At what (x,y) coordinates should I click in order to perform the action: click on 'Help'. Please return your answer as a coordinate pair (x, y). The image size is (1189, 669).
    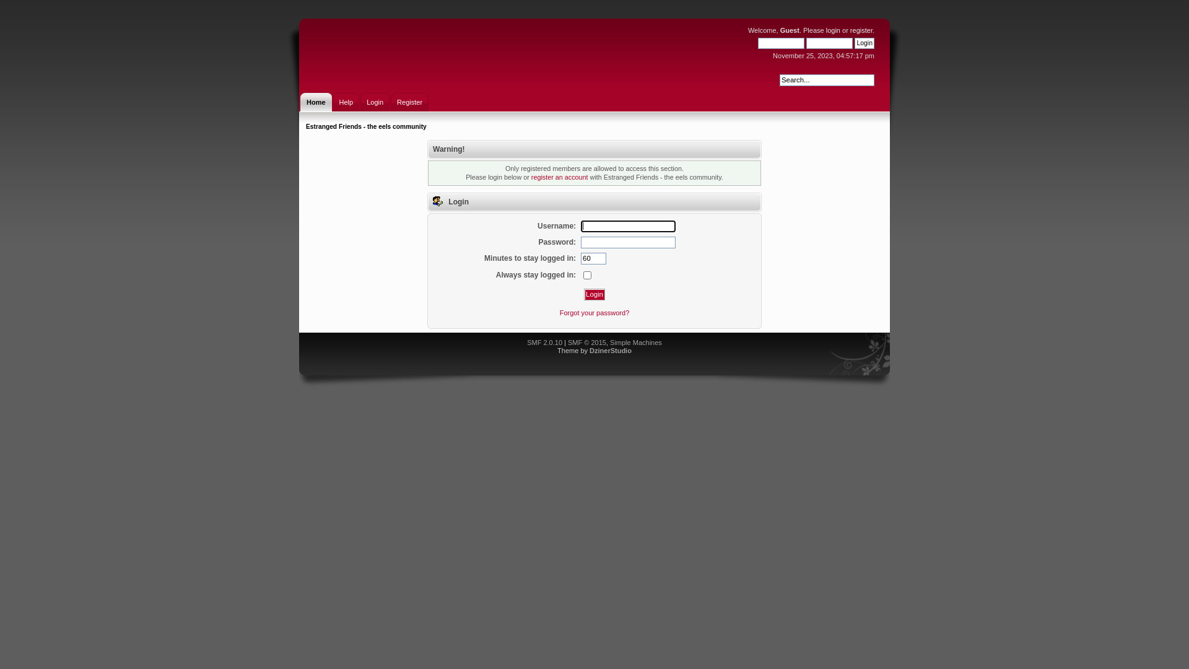
    Looking at the image, I should click on (346, 102).